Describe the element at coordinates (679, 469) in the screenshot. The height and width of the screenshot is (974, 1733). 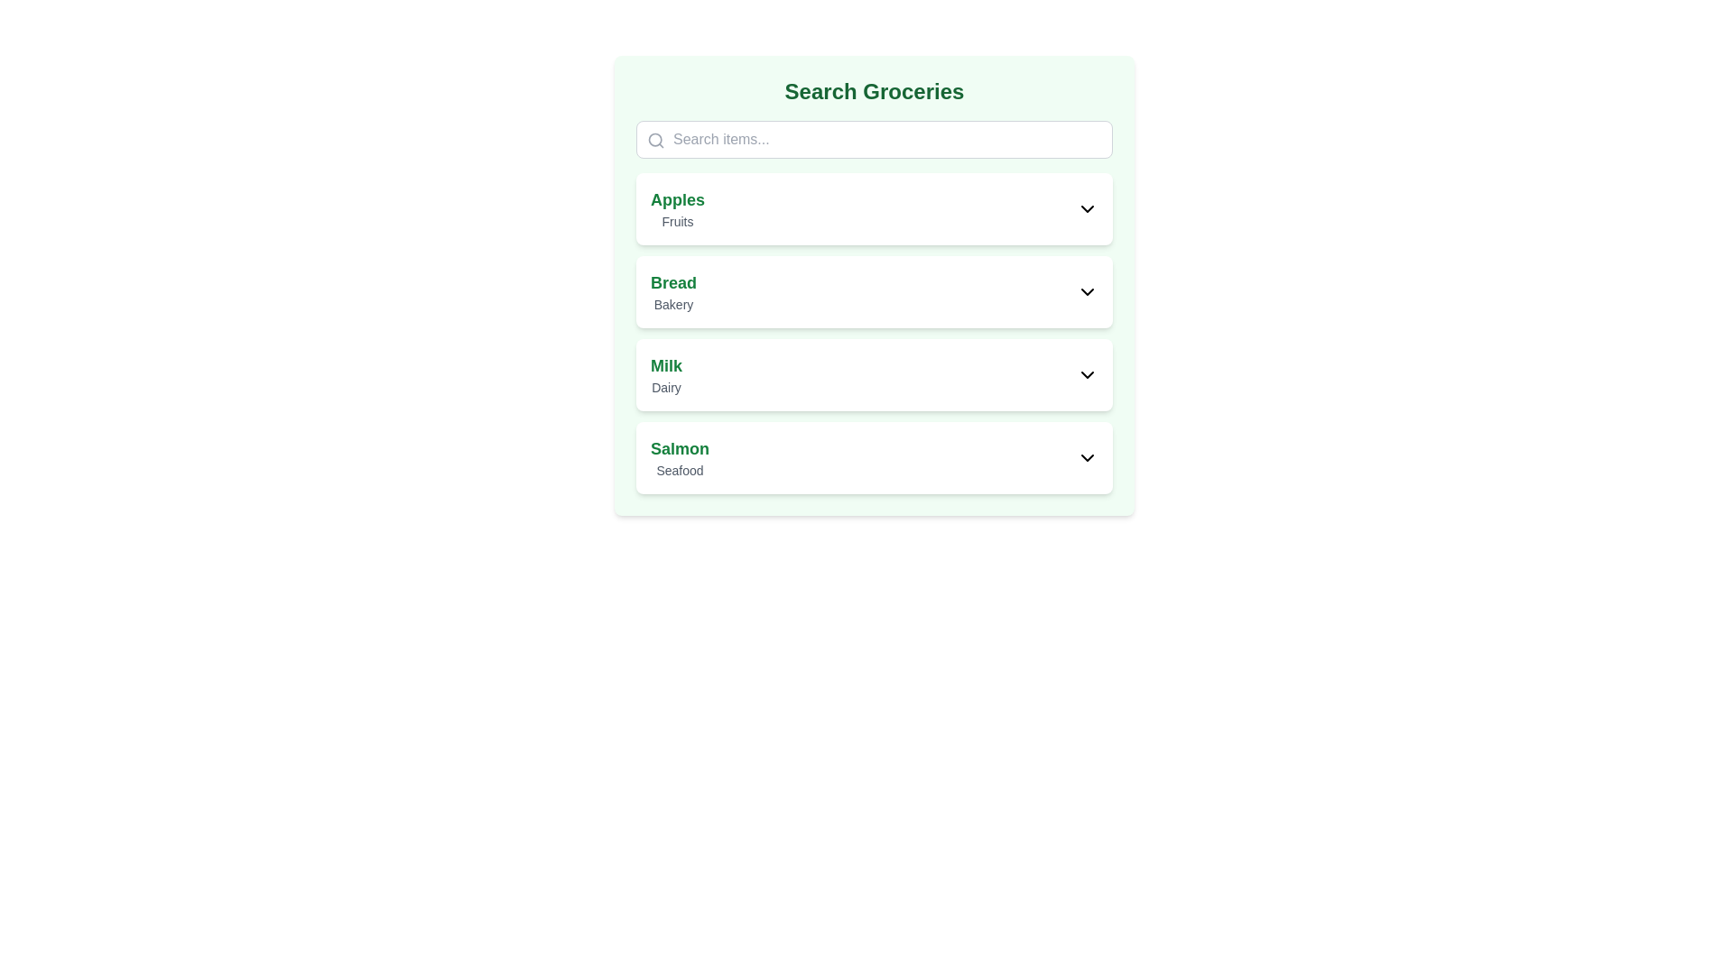
I see `the text label that contains the word 'Seafood', which is styled with a small font size and grey color, positioned below the 'Salmon' title in the content area` at that location.